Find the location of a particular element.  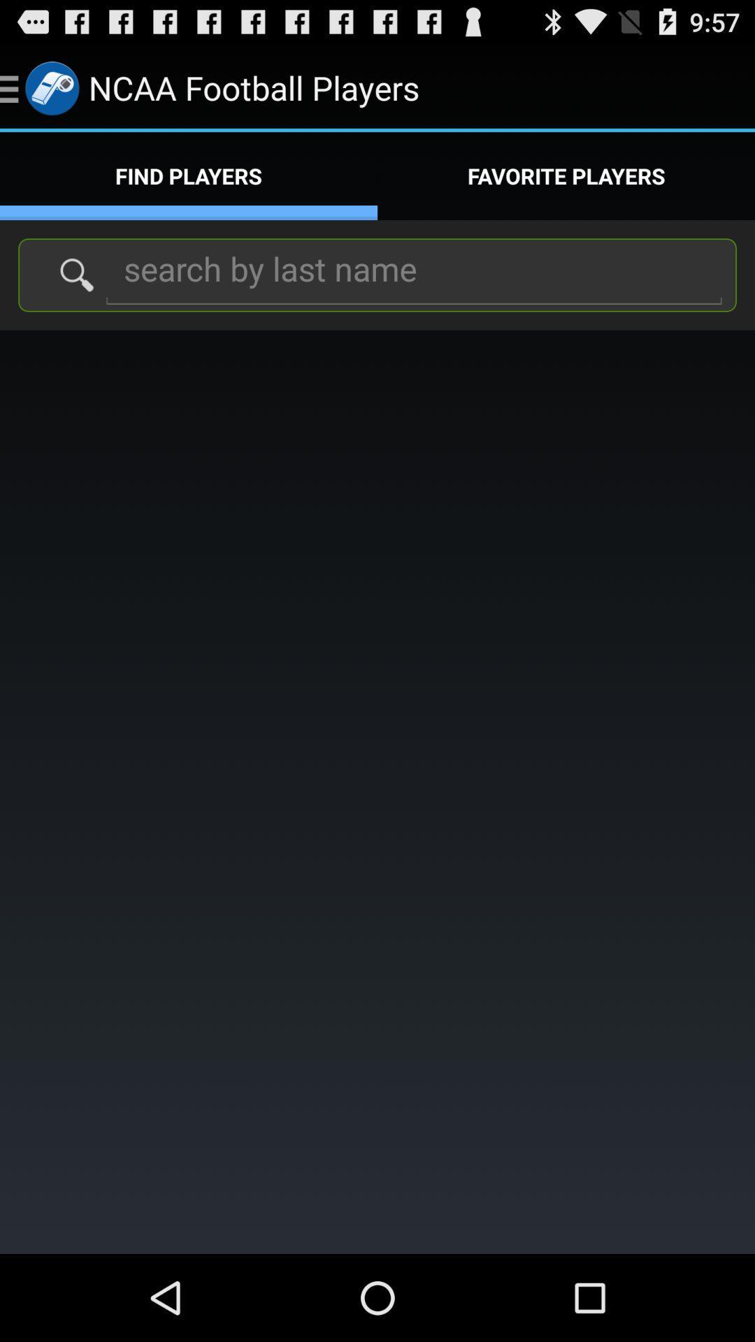

find players item is located at coordinates (189, 175).